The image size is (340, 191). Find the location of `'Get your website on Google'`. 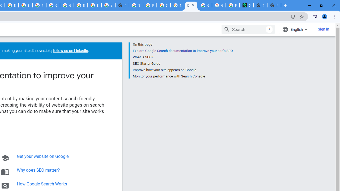

'Get your website on Google' is located at coordinates (42, 156).